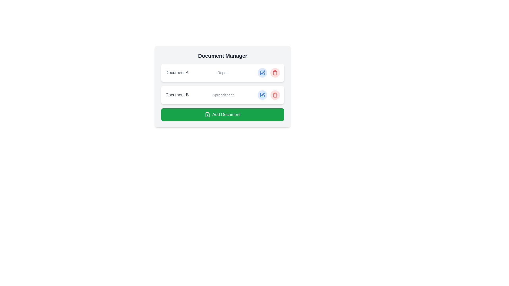 This screenshot has height=286, width=509. Describe the element at coordinates (207, 114) in the screenshot. I see `the 'Add Document' icon, which is centered within a green button labeled 'Add Document', located below the document listing interface` at that location.